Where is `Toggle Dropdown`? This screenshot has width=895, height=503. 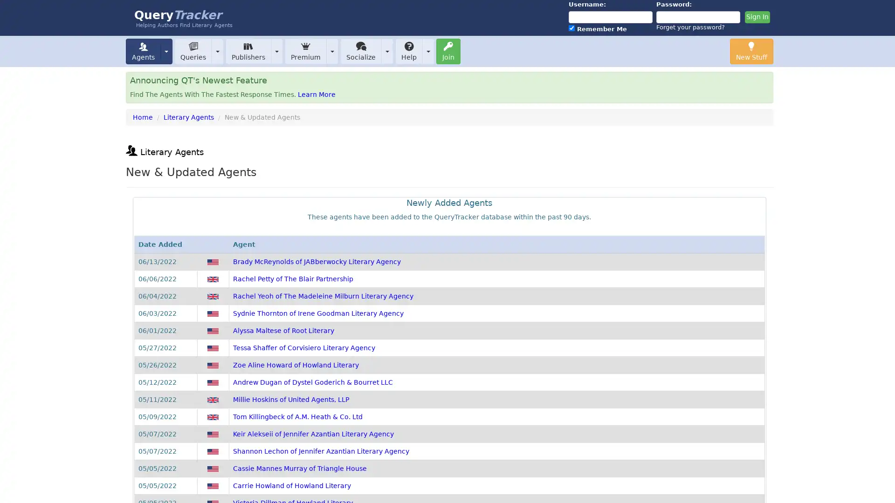 Toggle Dropdown is located at coordinates (217, 51).